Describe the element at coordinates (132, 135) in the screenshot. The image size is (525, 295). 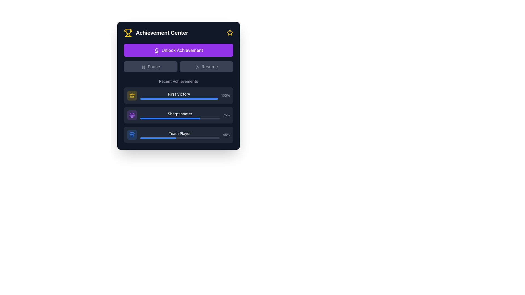
I see `the small medal icon on a blue background with a light blue border, located in the 'Team Player' section of the achievement list` at that location.